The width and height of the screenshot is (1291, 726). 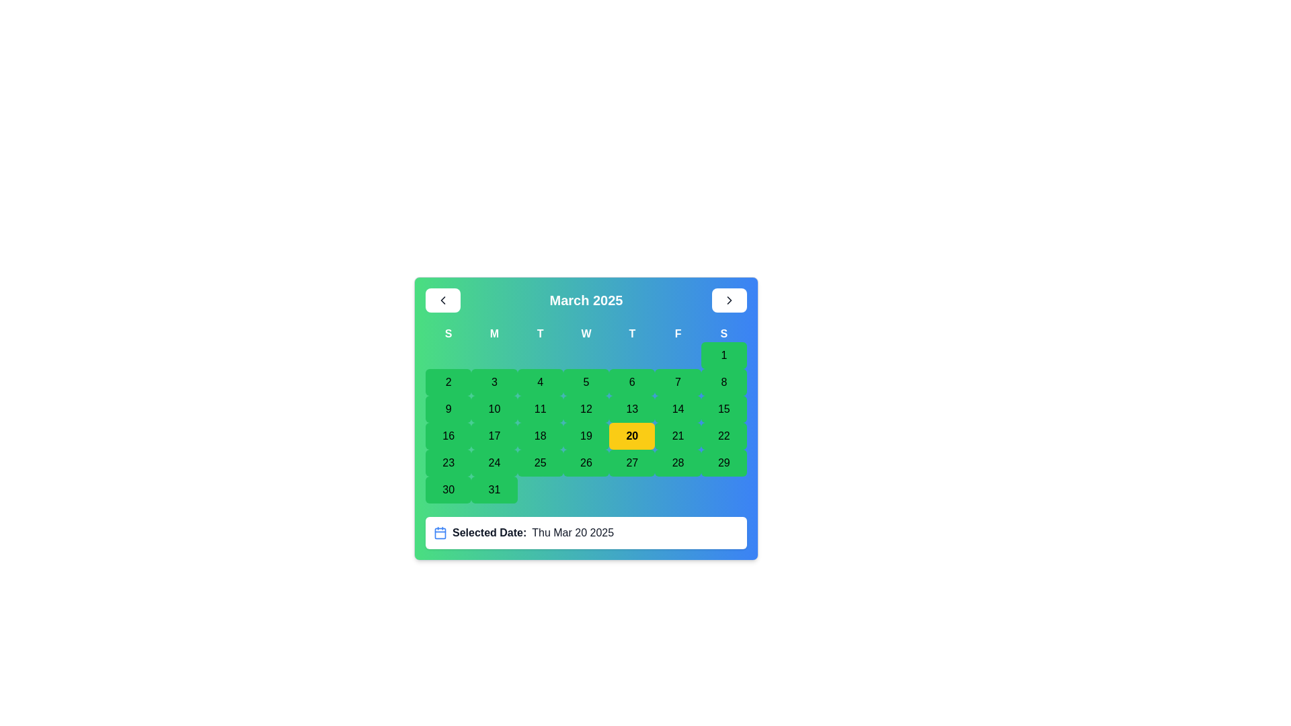 I want to click on the button representing the date 3rd of March 2025, so click(x=494, y=382).